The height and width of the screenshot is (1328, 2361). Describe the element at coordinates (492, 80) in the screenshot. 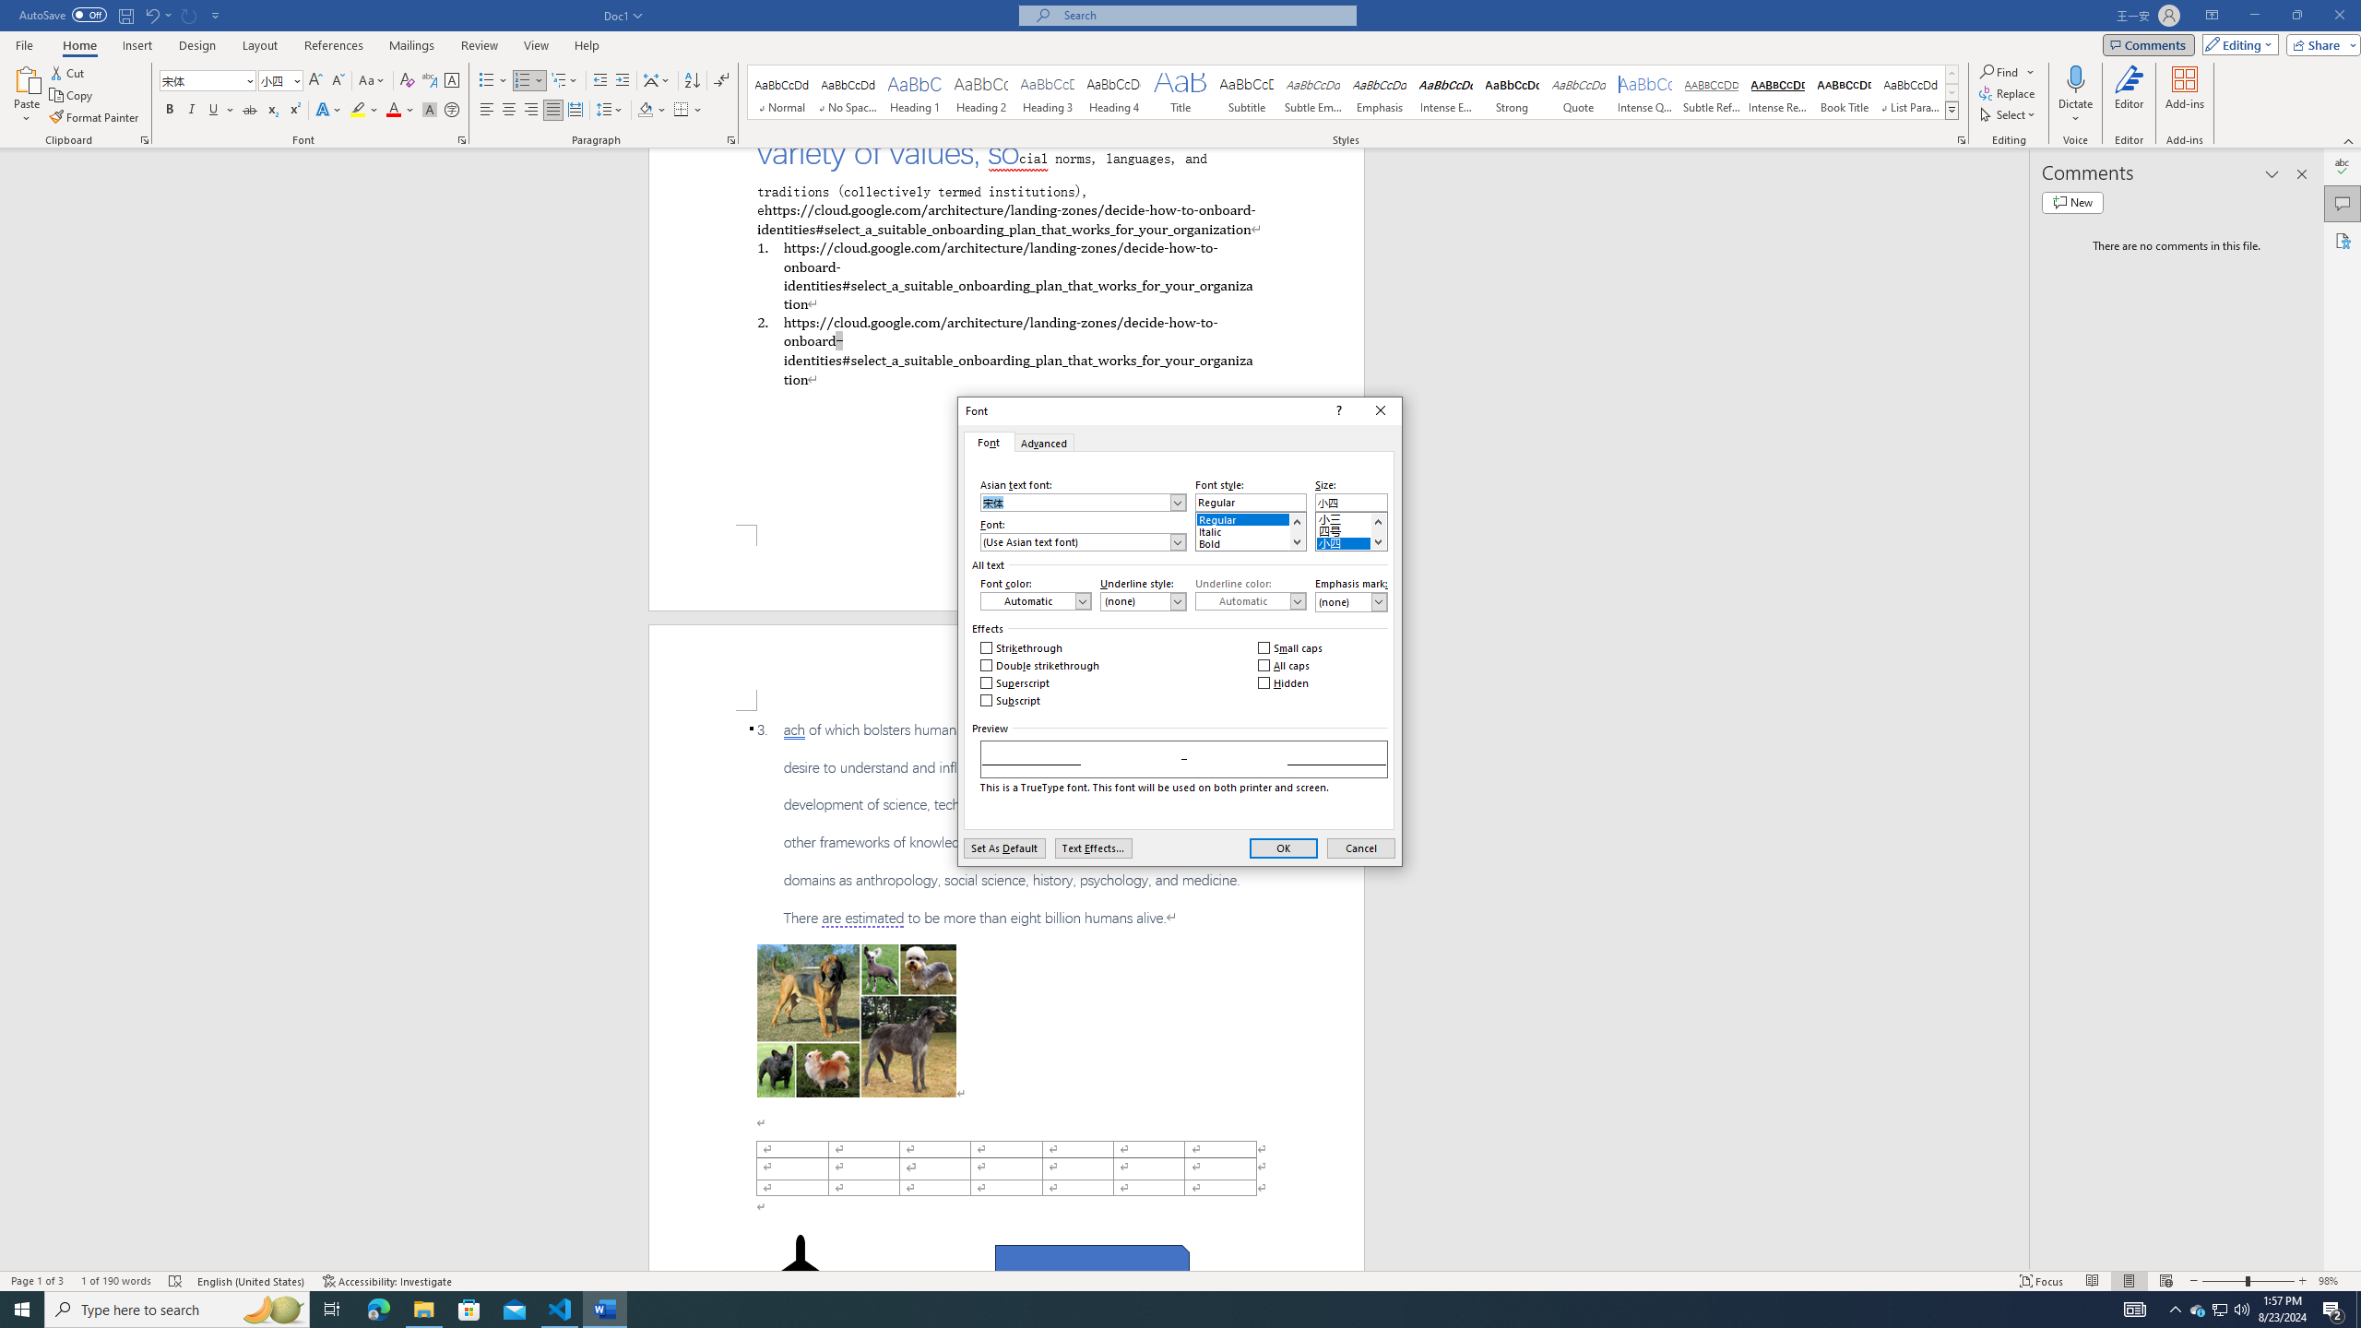

I see `'Bullets'` at that location.